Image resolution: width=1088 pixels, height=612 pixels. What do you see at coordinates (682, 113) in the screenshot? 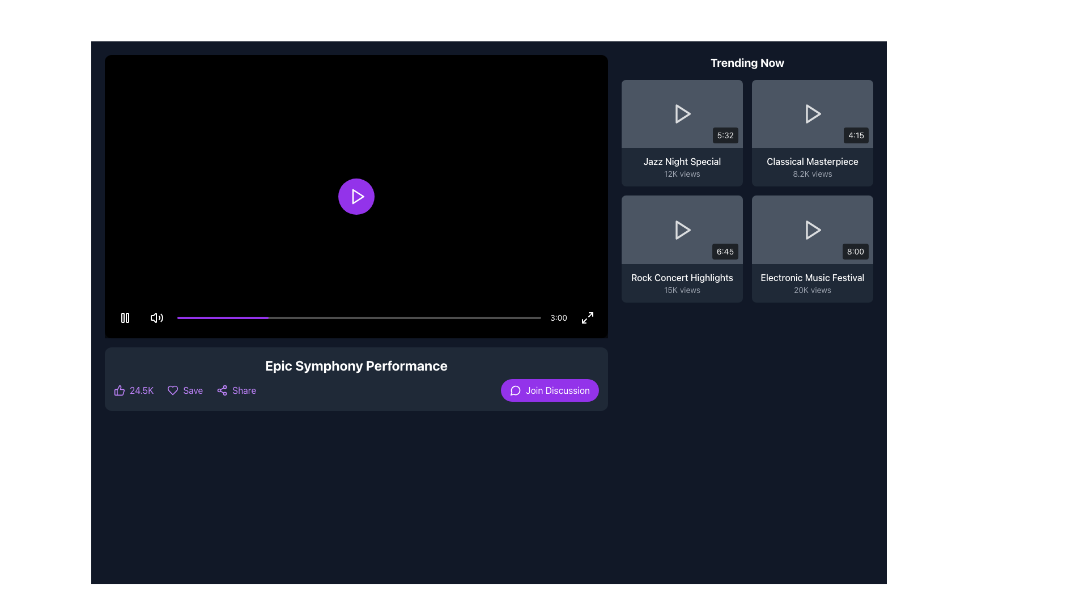
I see `the play button located in the 'Trending Now' section, which is depicted by a play icon in the top-left video thumbnail labeled 'Jazz Night Special'` at bounding box center [682, 113].